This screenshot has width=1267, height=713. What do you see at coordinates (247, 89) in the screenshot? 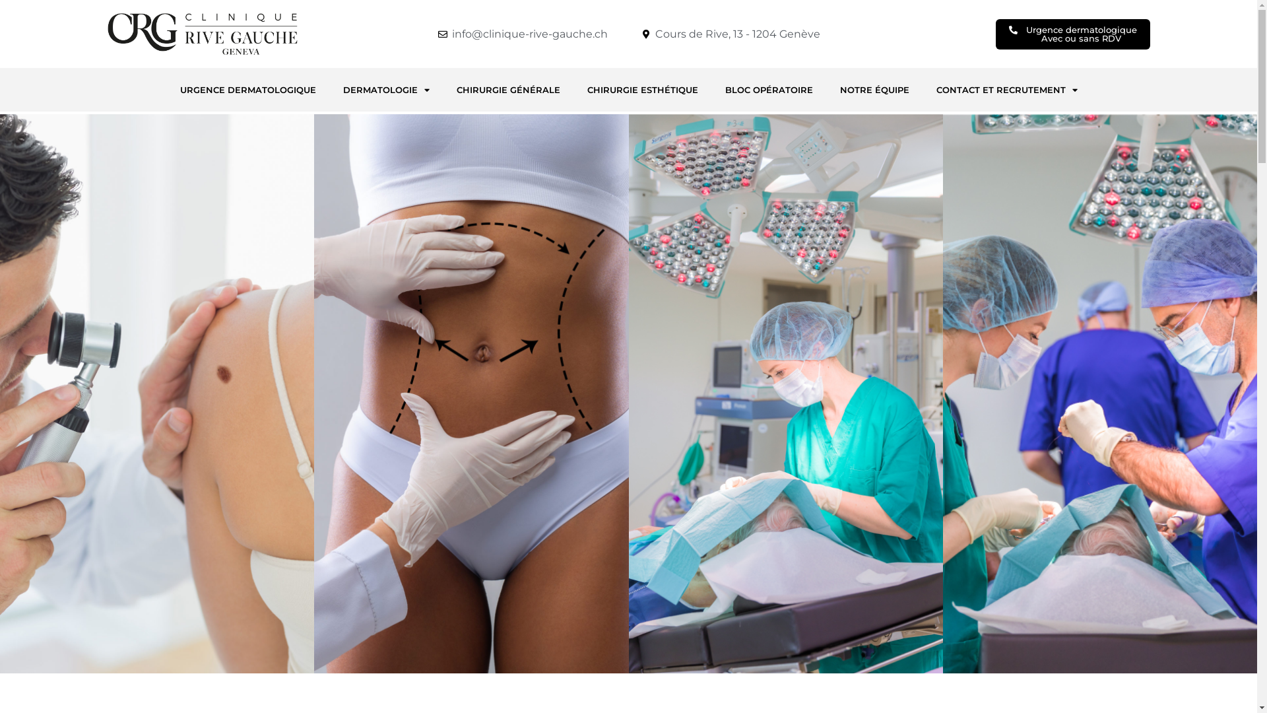
I see `'URGENCE DERMATOLOGIQUE'` at bounding box center [247, 89].